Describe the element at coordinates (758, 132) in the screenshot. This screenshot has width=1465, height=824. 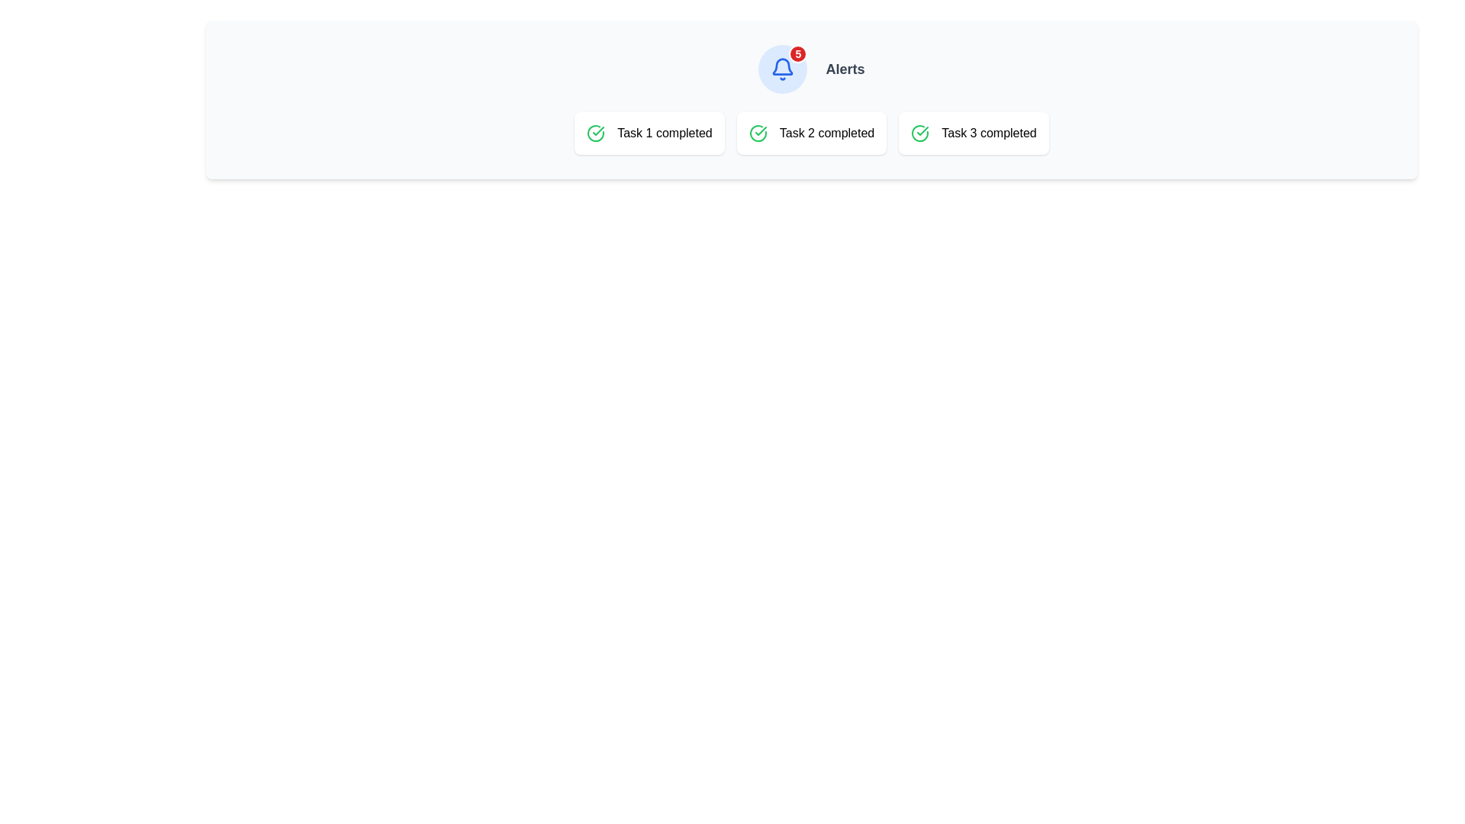
I see `the visual status indicator for 'Task 2', which is located in the middle card of the task completion indicators, to focus on this element using navigation keys` at that location.